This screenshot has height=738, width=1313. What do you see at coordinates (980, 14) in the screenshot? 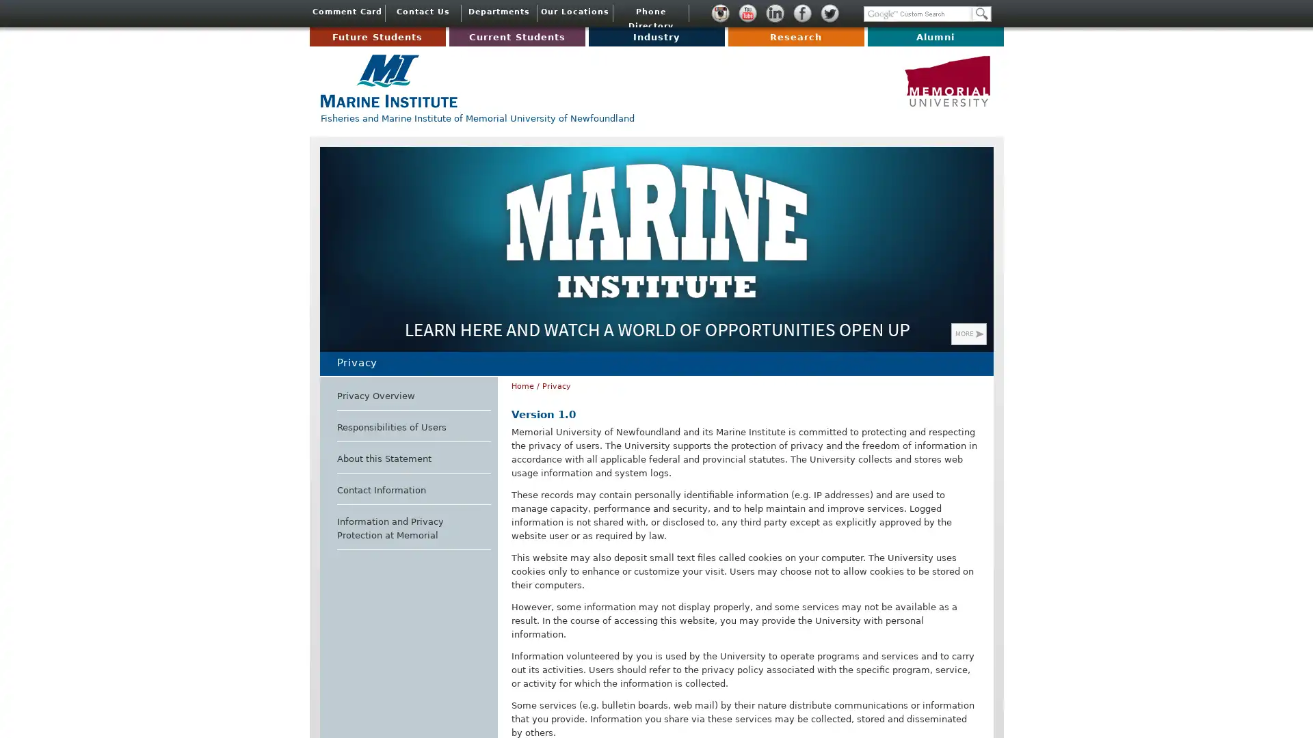
I see `Search` at bounding box center [980, 14].